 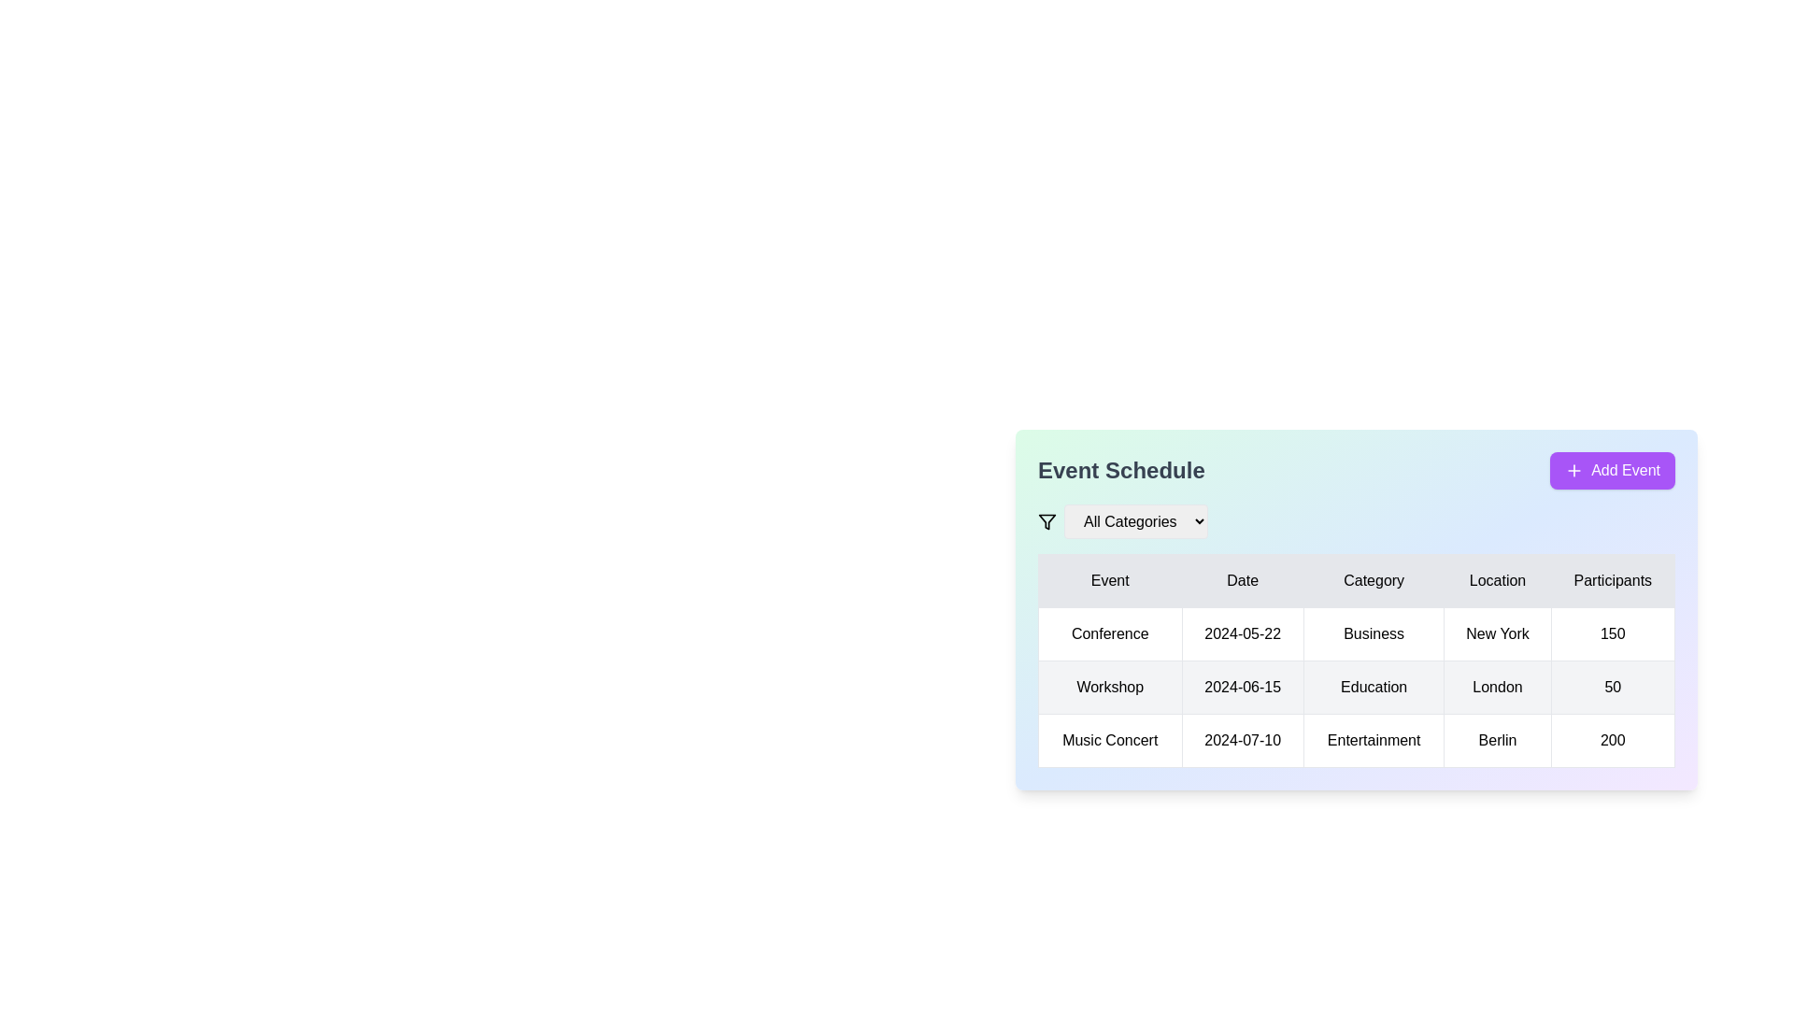 What do you see at coordinates (1356, 579) in the screenshot?
I see `the 'Category' table header cell to sort the table by this column` at bounding box center [1356, 579].